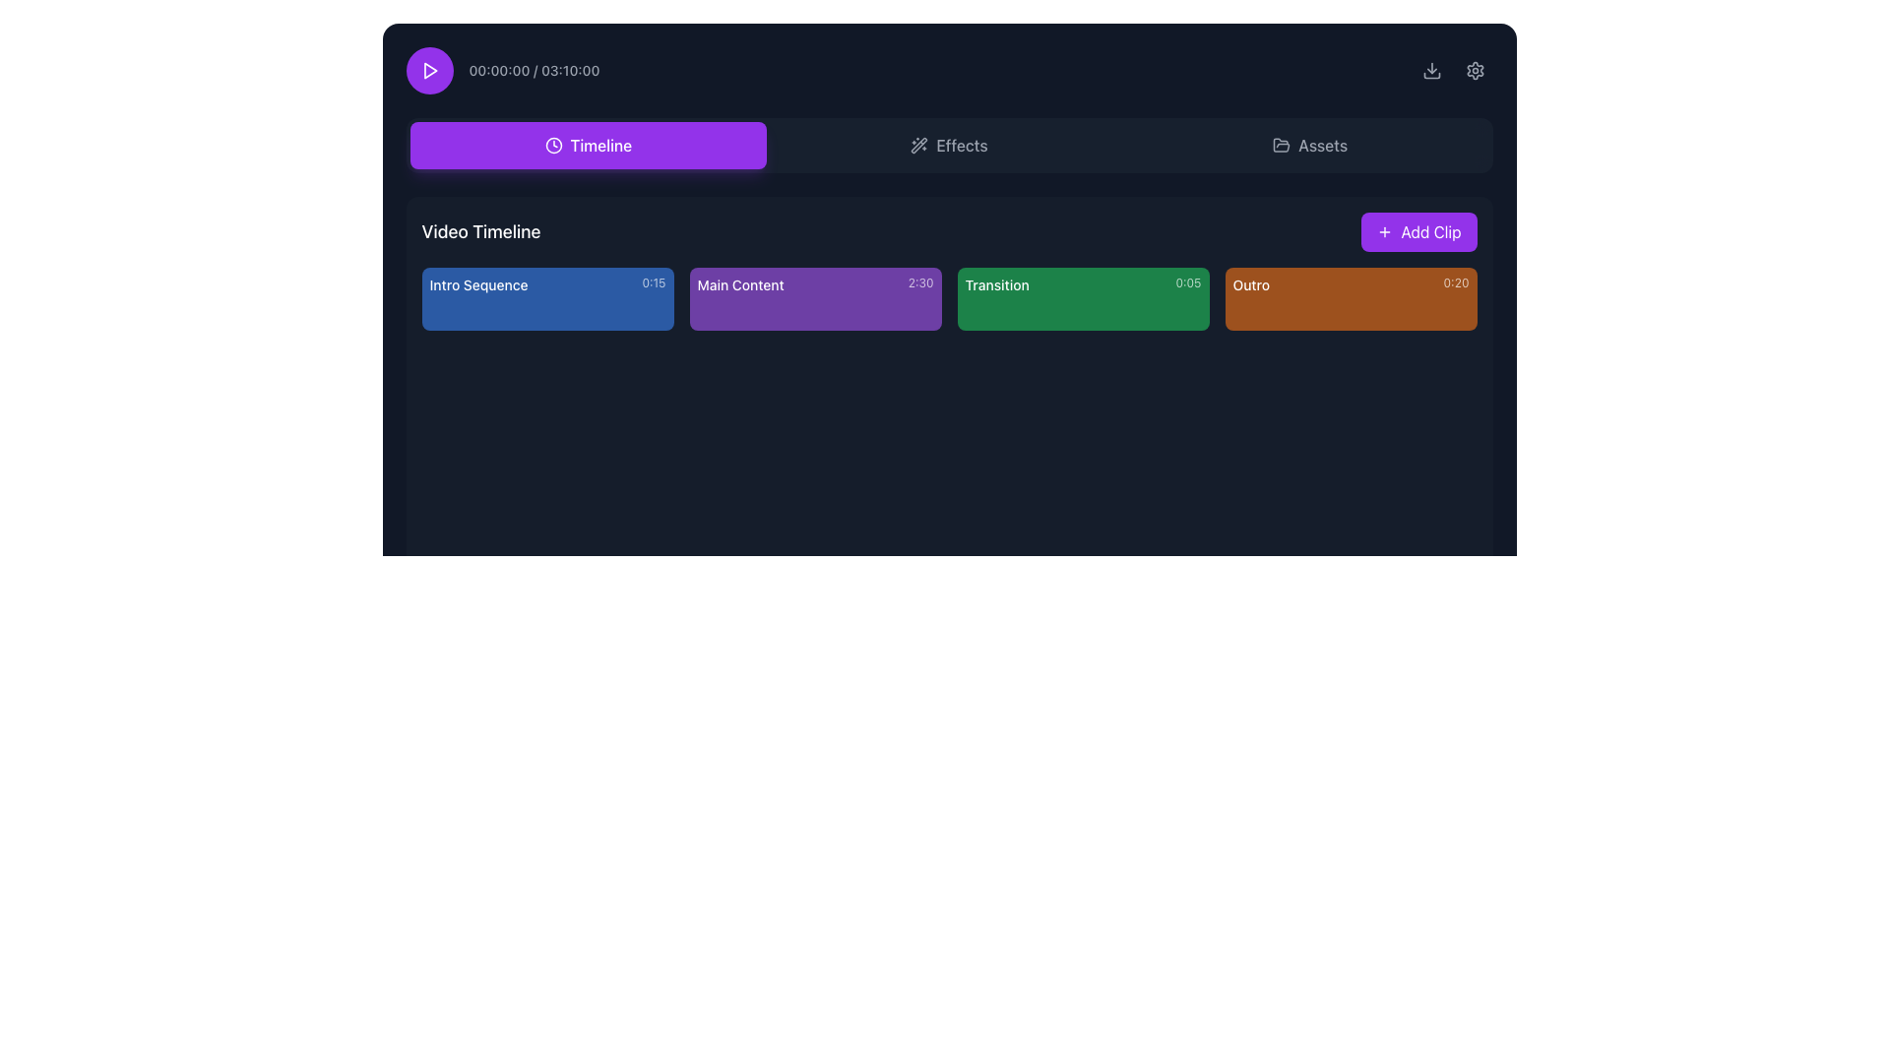 Image resolution: width=1890 pixels, height=1063 pixels. I want to click on the navigational button that accesses the 'Effects' section, located between the 'Timeline' and 'Assets' buttons, to enhance accessibility, so click(949, 144).